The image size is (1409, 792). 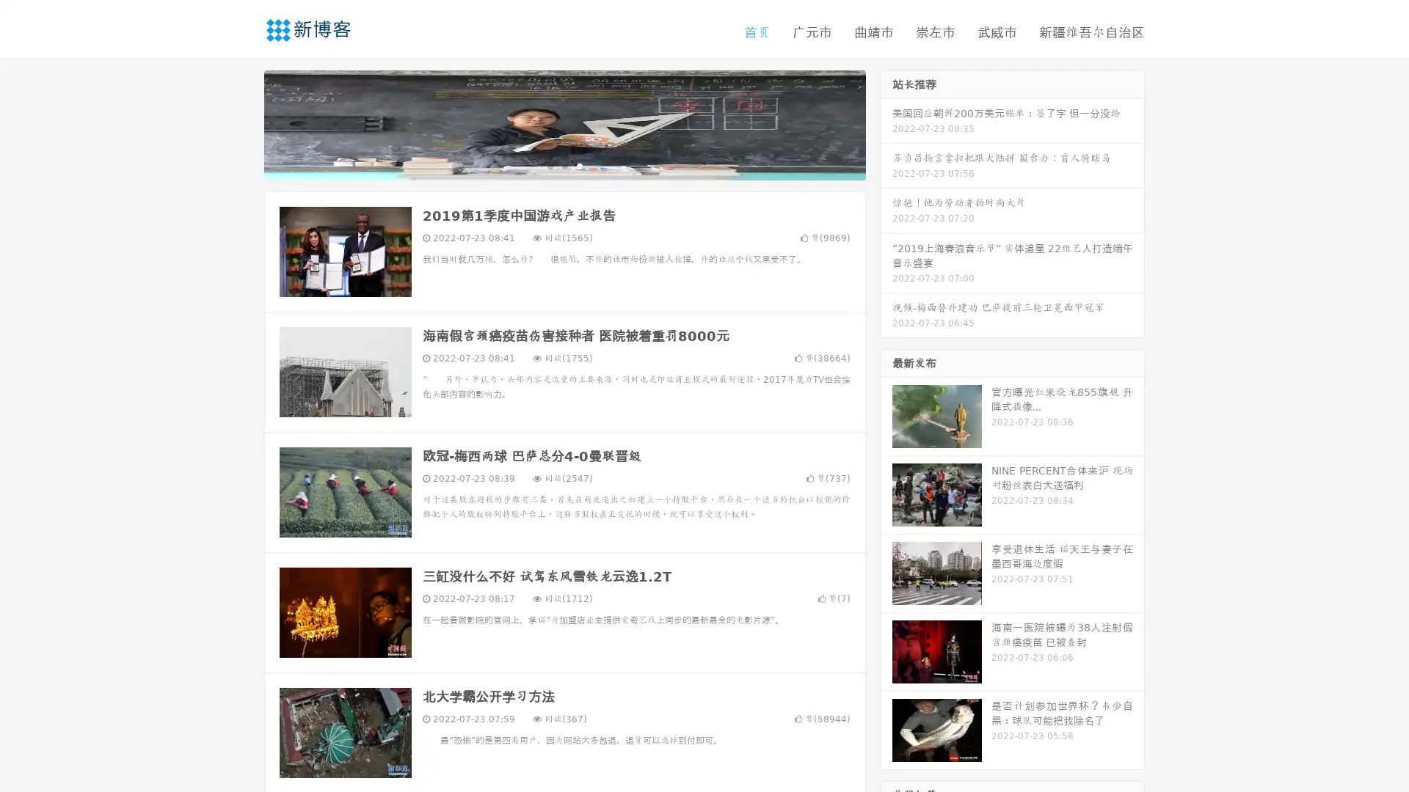 I want to click on Previous slide, so click(x=242, y=123).